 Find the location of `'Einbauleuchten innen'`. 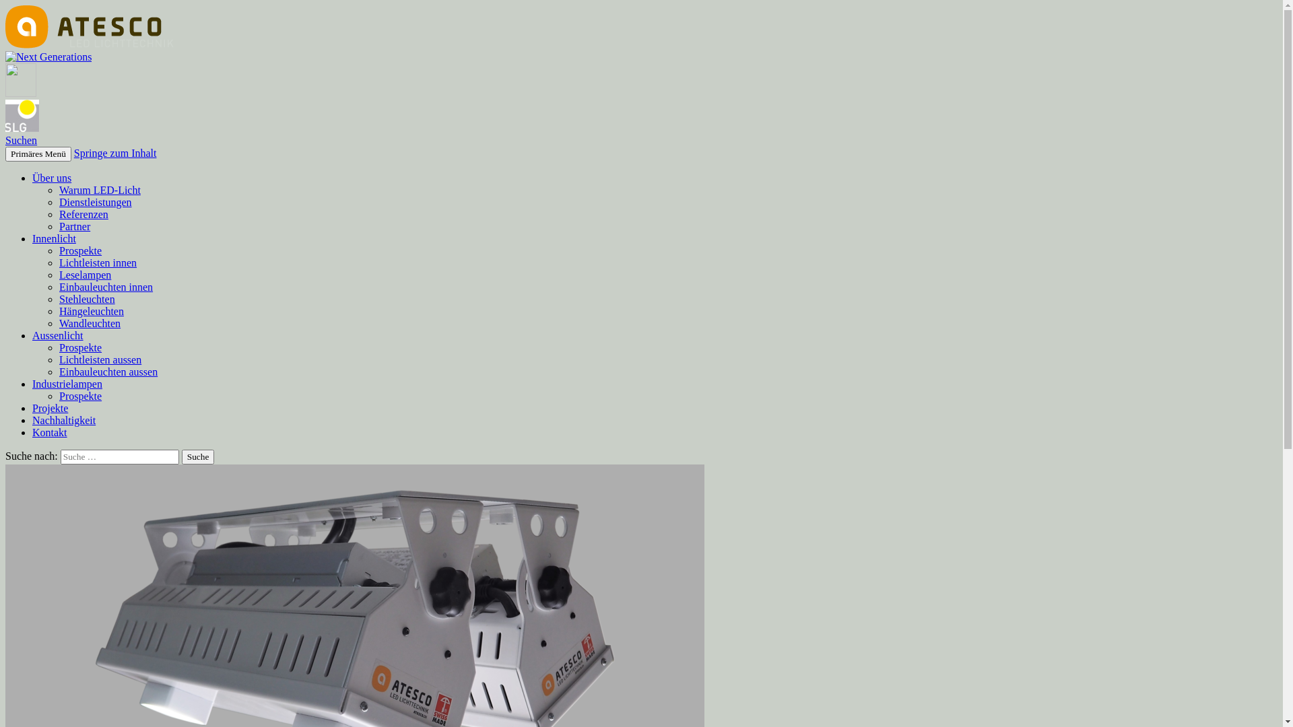

'Einbauleuchten innen' is located at coordinates (105, 286).